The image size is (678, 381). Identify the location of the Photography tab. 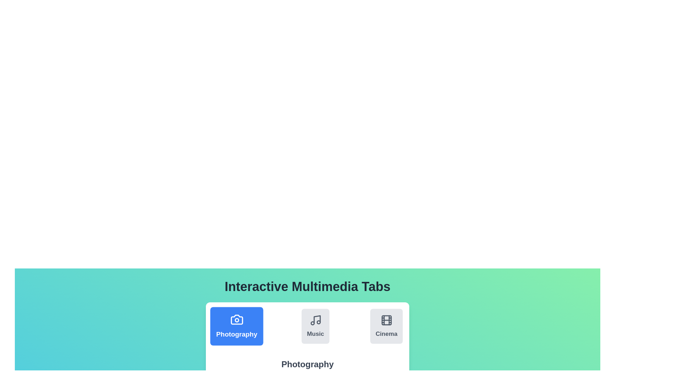
(237, 326).